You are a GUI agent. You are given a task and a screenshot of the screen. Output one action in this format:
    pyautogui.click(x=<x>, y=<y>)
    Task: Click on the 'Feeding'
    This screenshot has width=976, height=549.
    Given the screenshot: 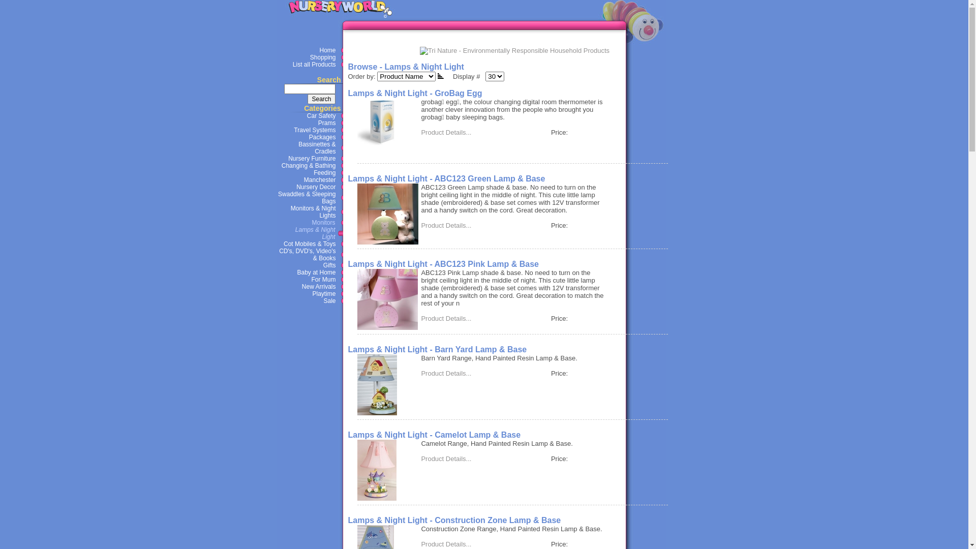 What is the action you would take?
    pyautogui.click(x=309, y=172)
    